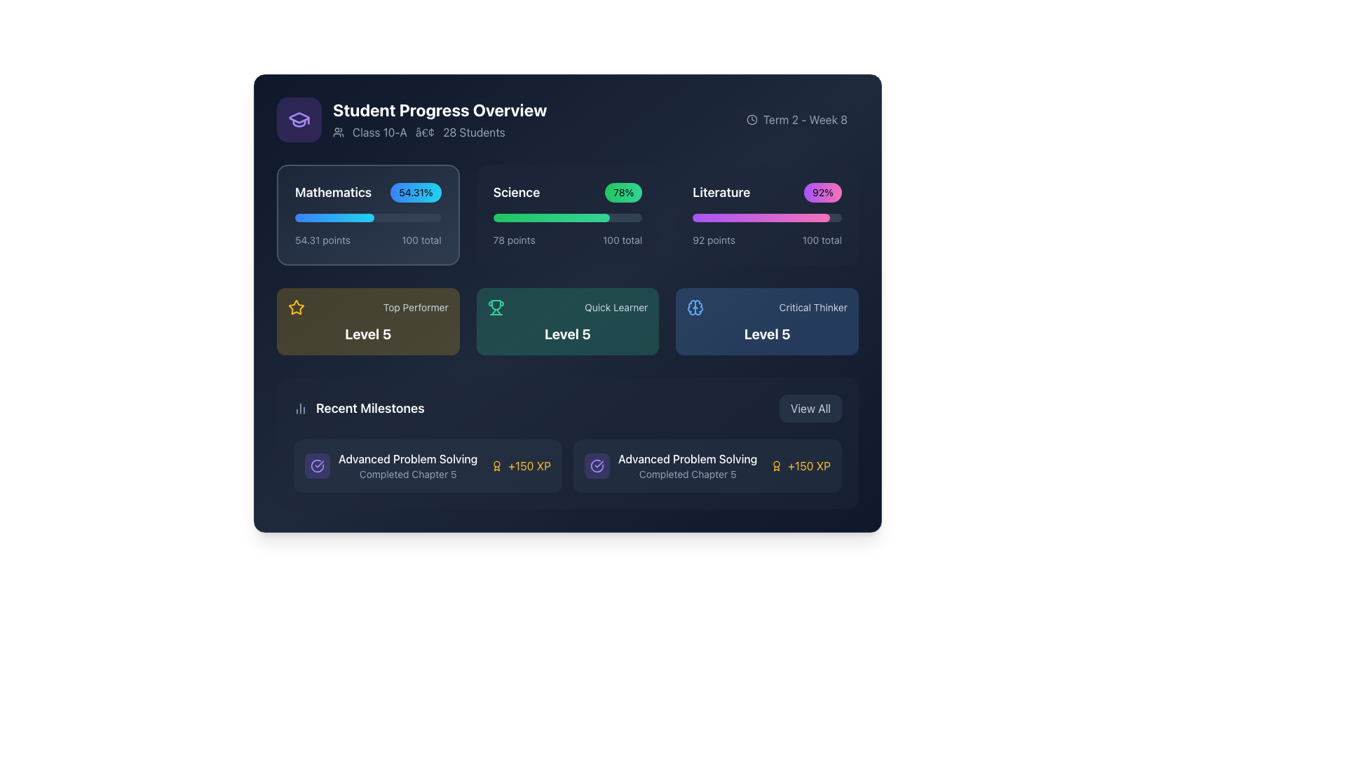  What do you see at coordinates (766, 322) in the screenshot?
I see `the contents of the Visual Card labeled 'Critical Thinker', which is the rightmost card in a series of three cards` at bounding box center [766, 322].